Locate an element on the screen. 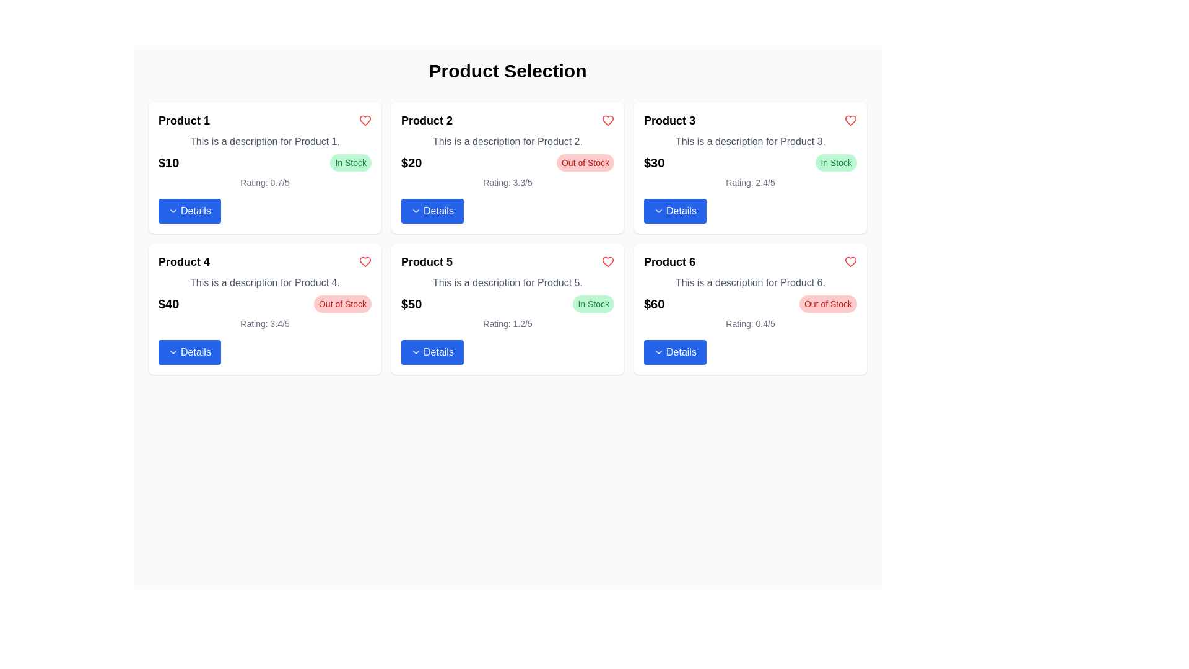 The width and height of the screenshot is (1189, 669). the heart-shaped 'like' icon located at the top-right corner of the 'Product 6' card using a keyboard shortcut is located at coordinates (850, 261).